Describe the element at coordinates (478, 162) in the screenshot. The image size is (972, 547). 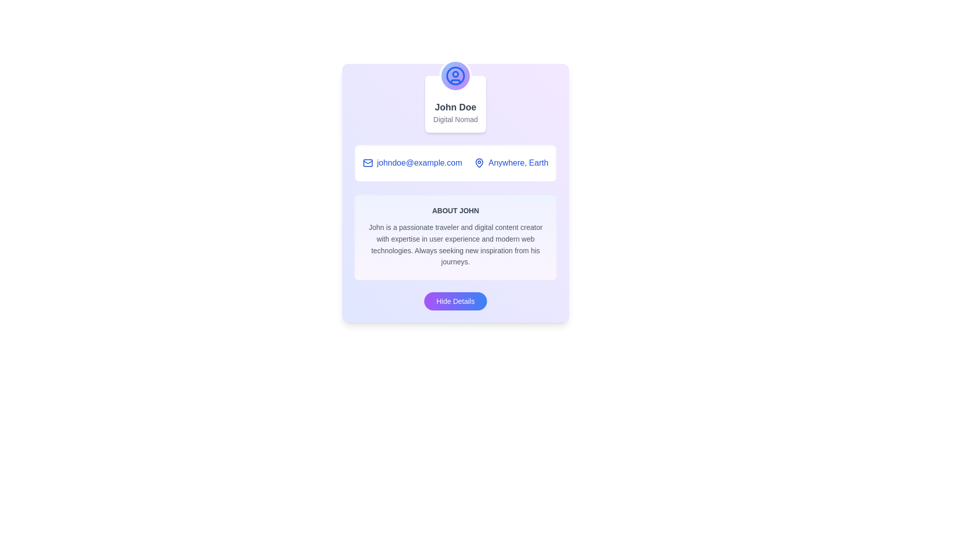
I see `the marker pin icon located to the left of the text 'Anywhere, Earth' within the card layout` at that location.